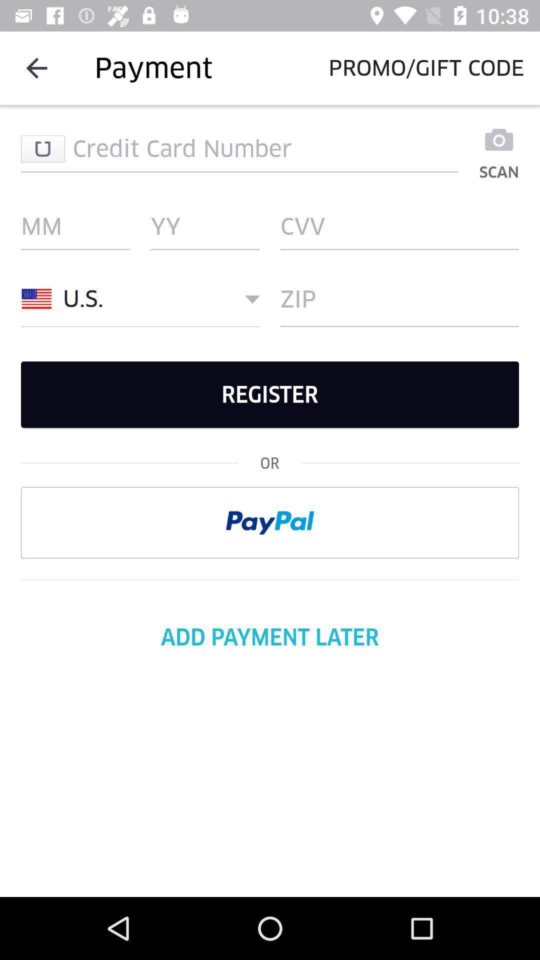 The width and height of the screenshot is (540, 960). I want to click on data in a text field, so click(239, 148).